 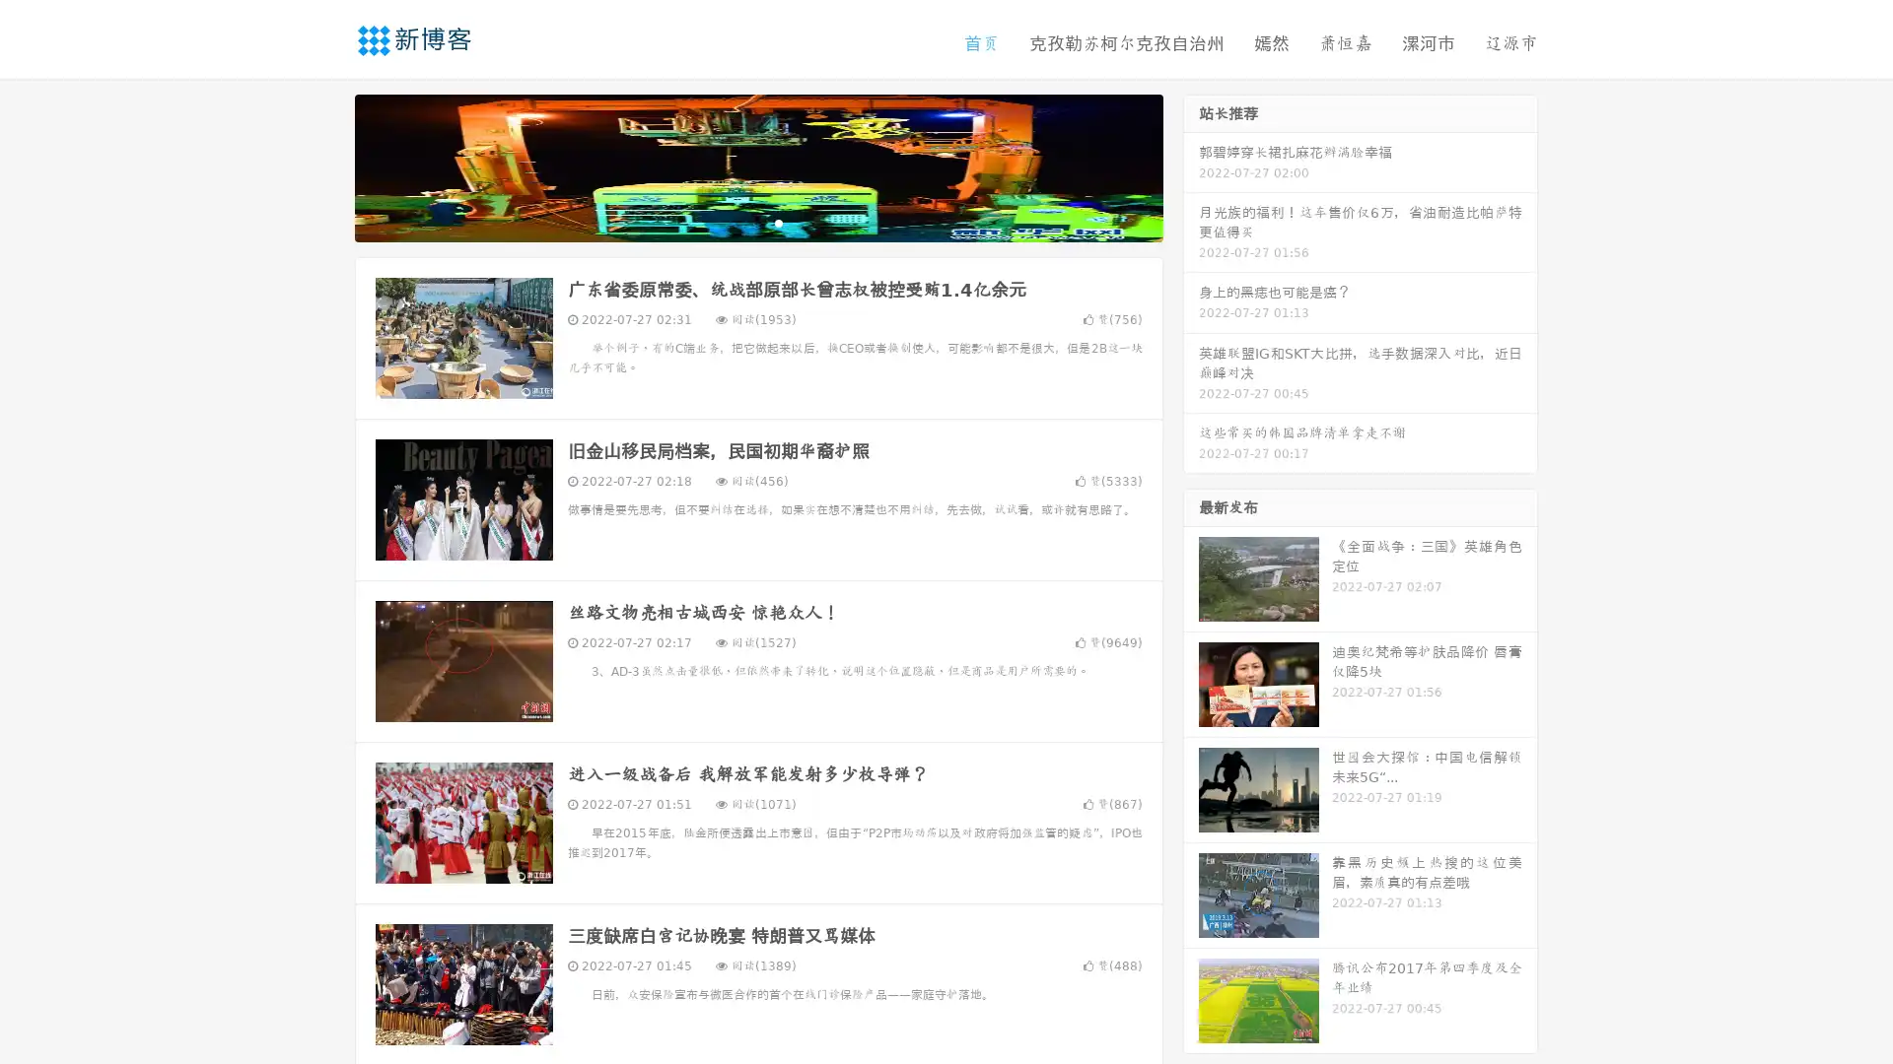 What do you see at coordinates (325, 166) in the screenshot?
I see `Previous slide` at bounding box center [325, 166].